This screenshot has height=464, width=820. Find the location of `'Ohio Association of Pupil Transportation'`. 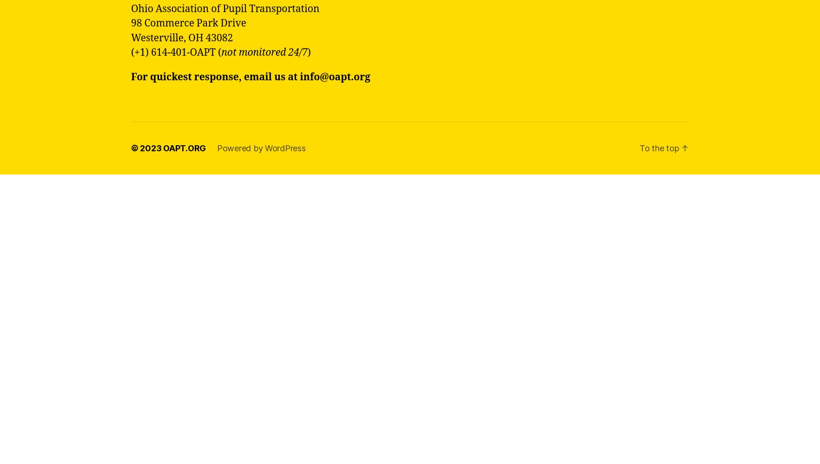

'Ohio Association of Pupil Transportation' is located at coordinates (225, 8).